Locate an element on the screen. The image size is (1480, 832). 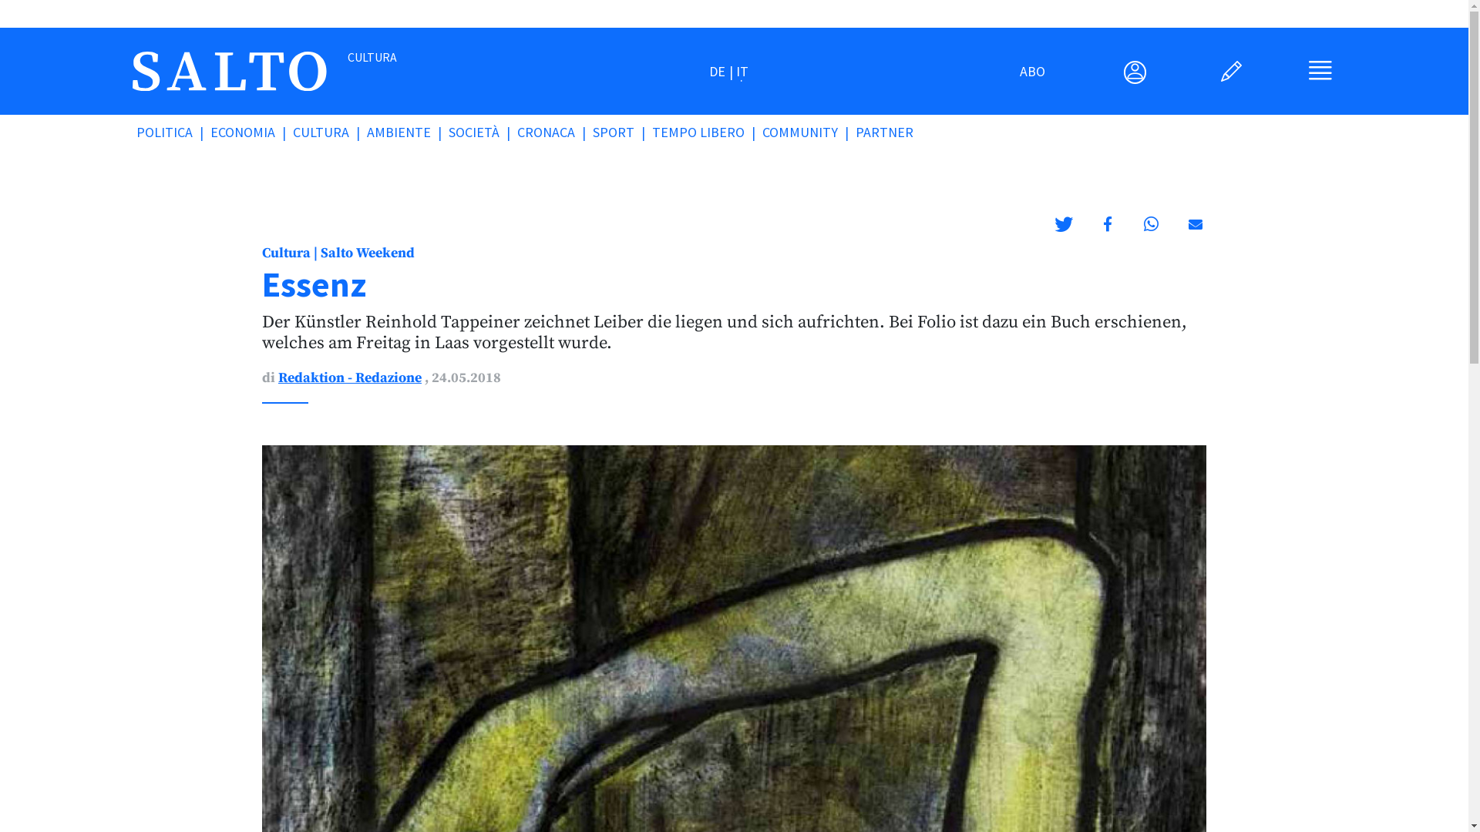
'Main Menu' is located at coordinates (1320, 76).